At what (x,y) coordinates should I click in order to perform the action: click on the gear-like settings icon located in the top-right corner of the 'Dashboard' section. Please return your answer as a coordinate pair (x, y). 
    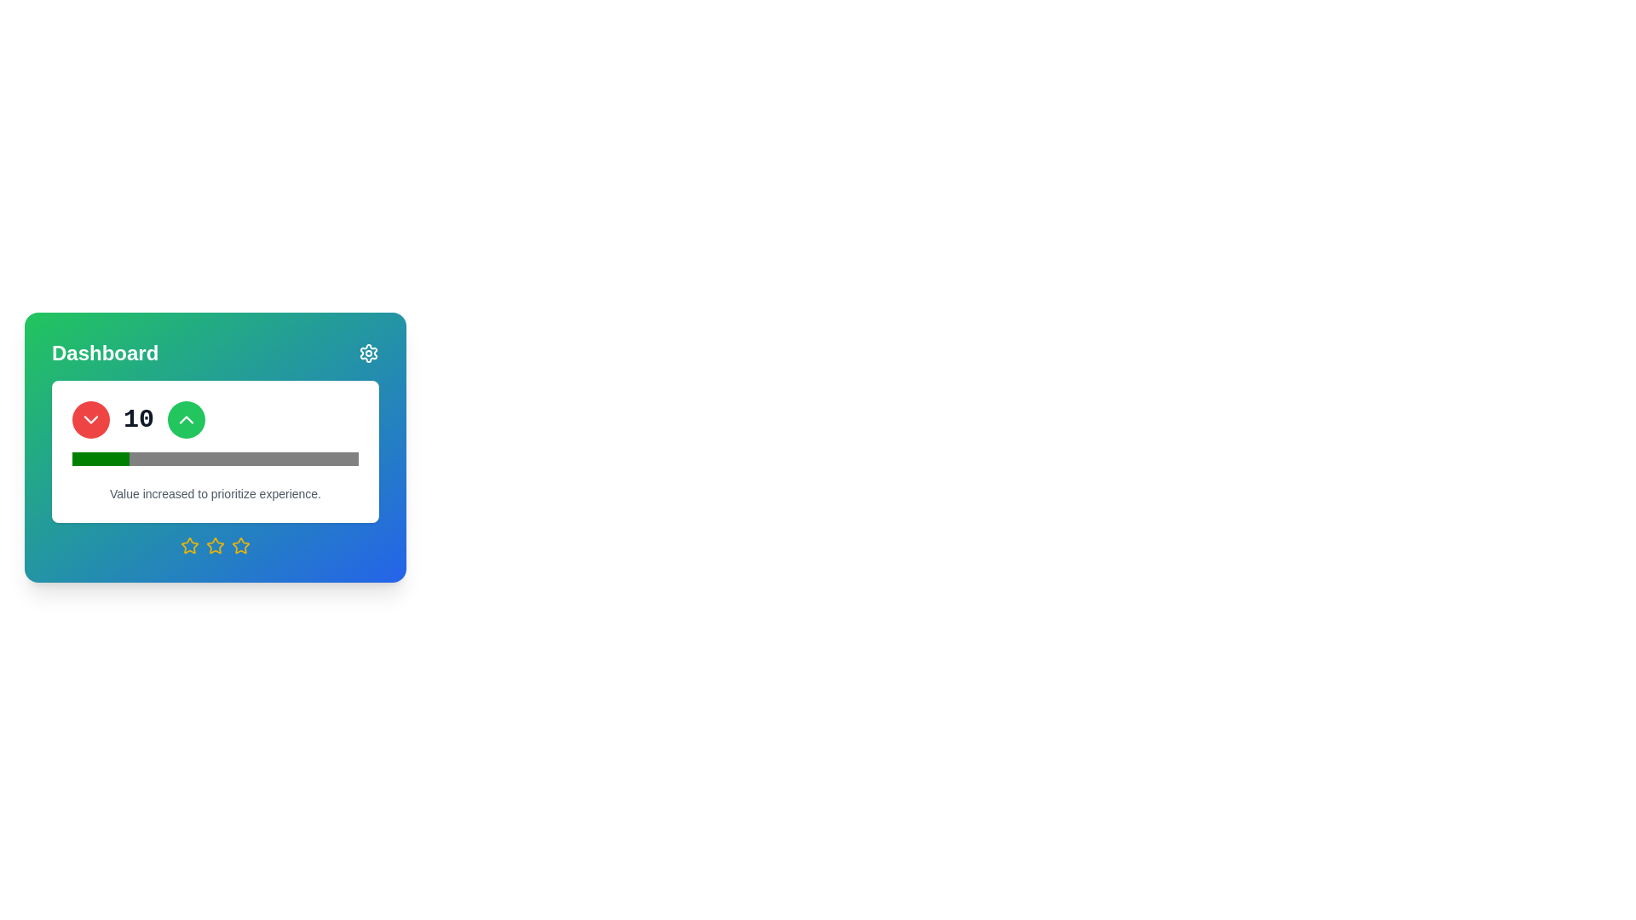
    Looking at the image, I should click on (367, 353).